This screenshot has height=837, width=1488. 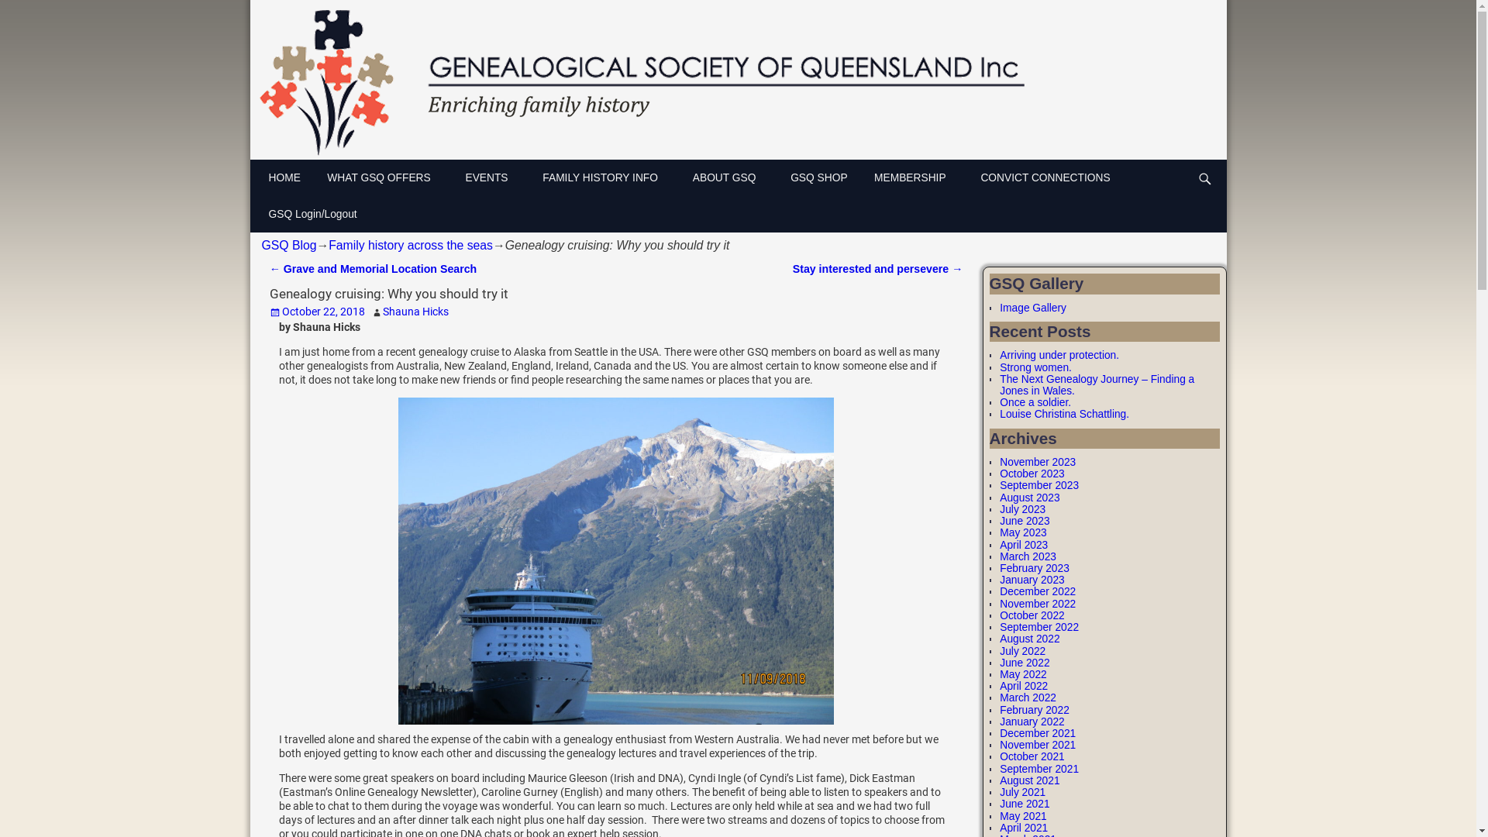 What do you see at coordinates (1038, 769) in the screenshot?
I see `'September 2021'` at bounding box center [1038, 769].